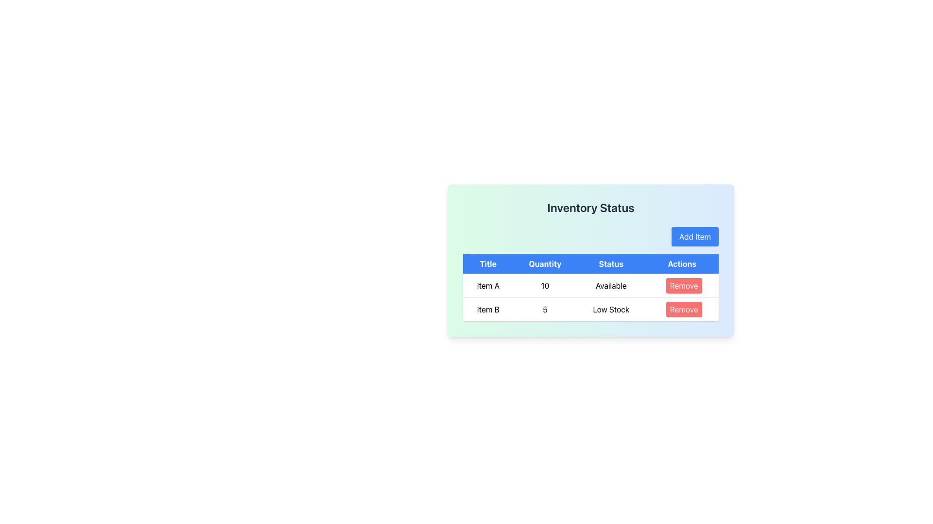 The image size is (933, 524). I want to click on the 'Quantity' button, which is a rectangular button with white text on a blue background, positioned in the header row of a table structure, so click(545, 264).